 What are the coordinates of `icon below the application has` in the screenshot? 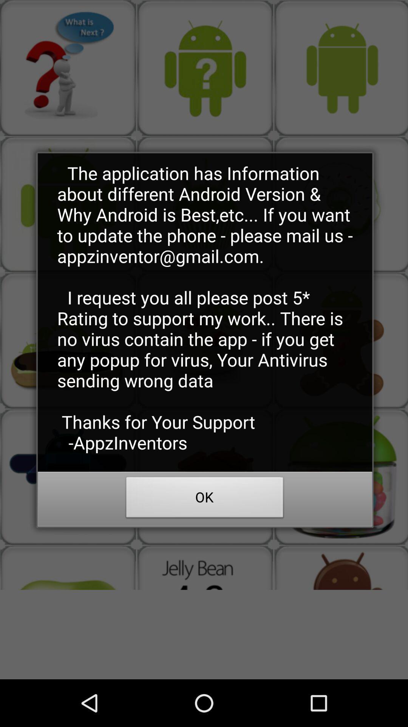 It's located at (205, 499).